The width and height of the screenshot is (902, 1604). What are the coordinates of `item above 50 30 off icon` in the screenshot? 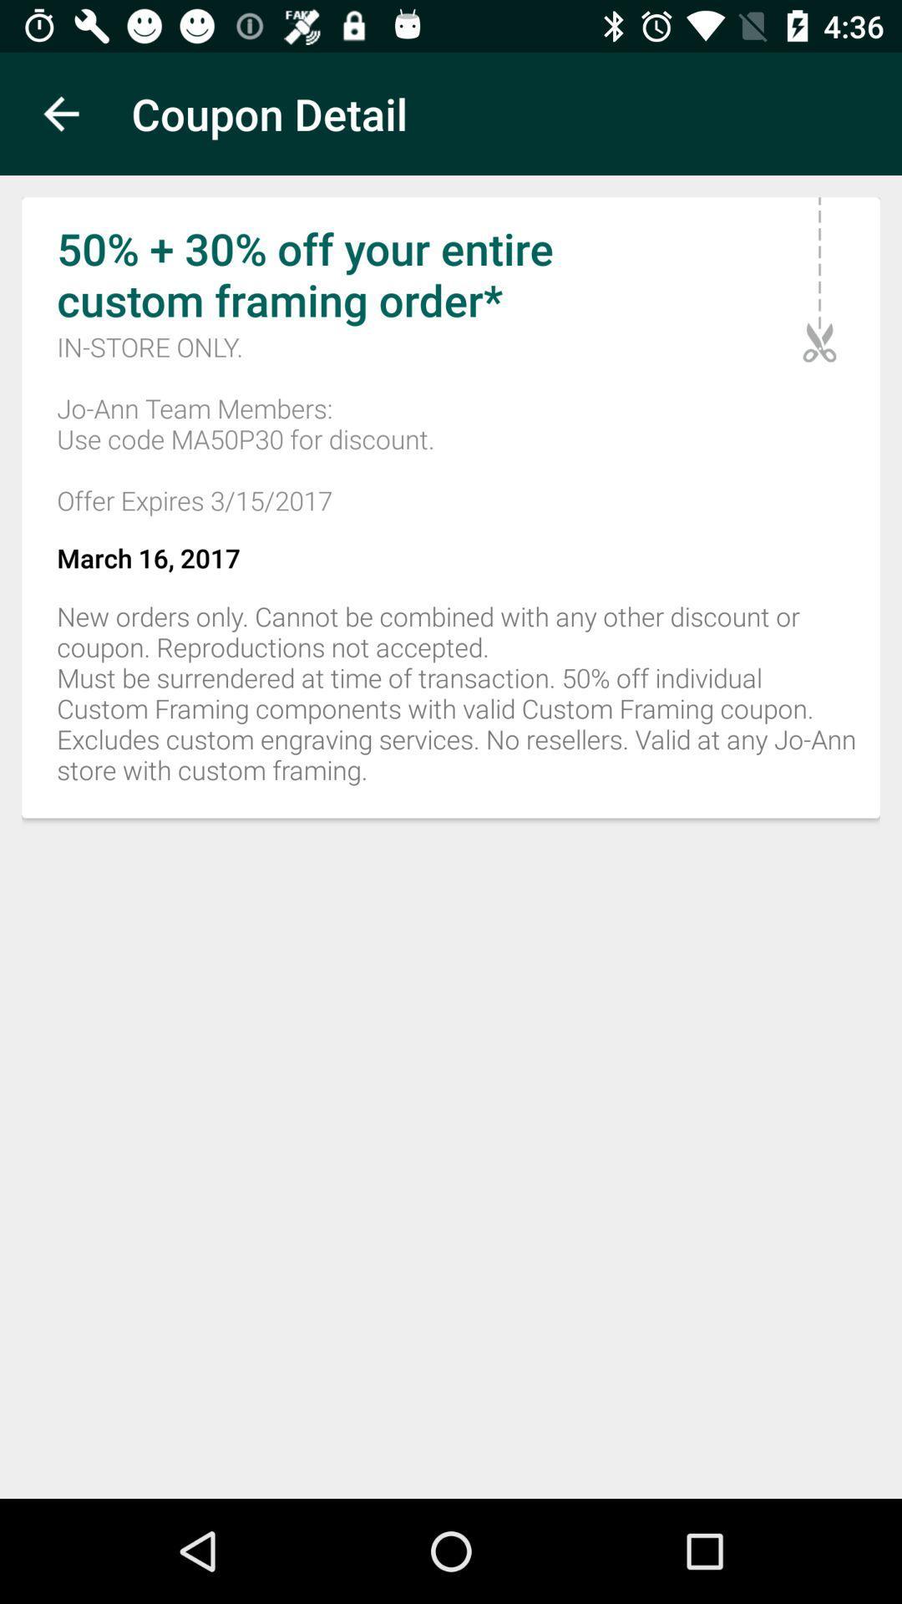 It's located at (60, 113).